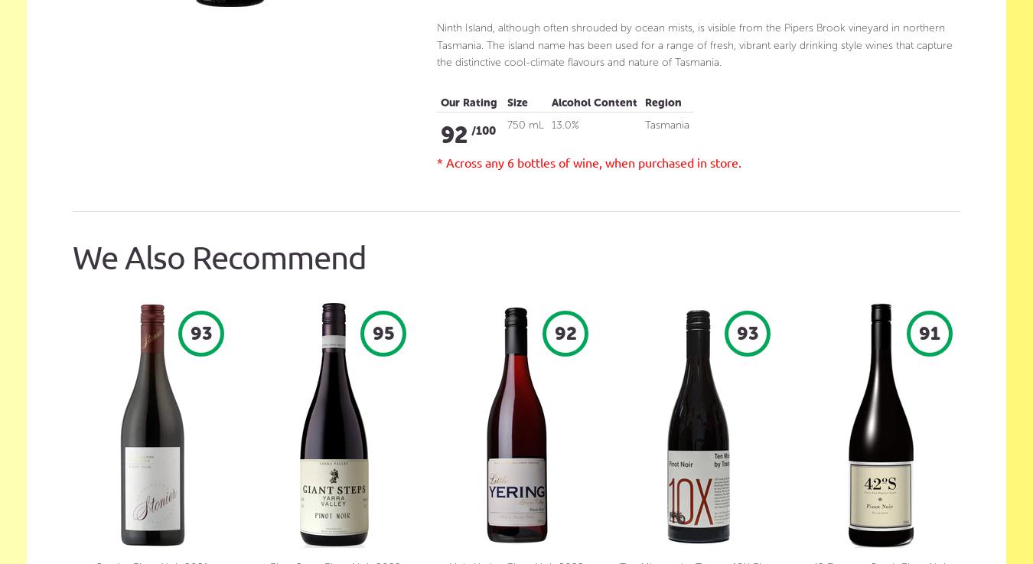 This screenshot has height=564, width=1033. What do you see at coordinates (622, 209) in the screenshot?
I see `'Full Strength Beer'` at bounding box center [622, 209].